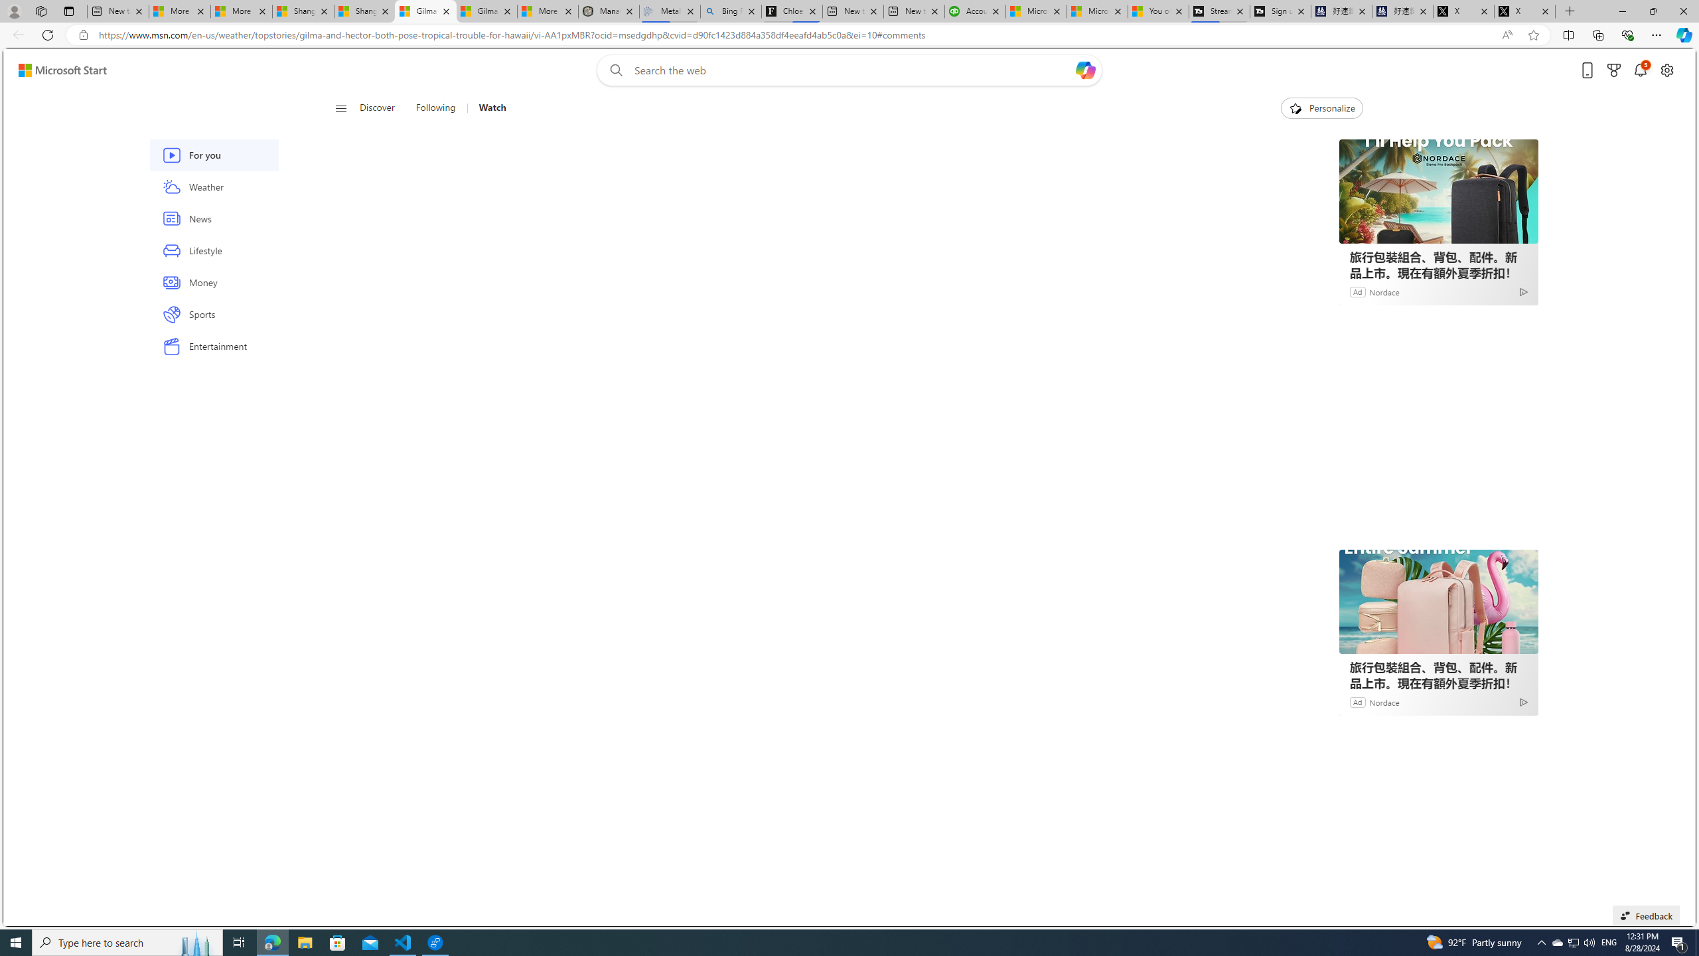 This screenshot has height=956, width=1699. What do you see at coordinates (57, 69) in the screenshot?
I see `'Skip to content'` at bounding box center [57, 69].